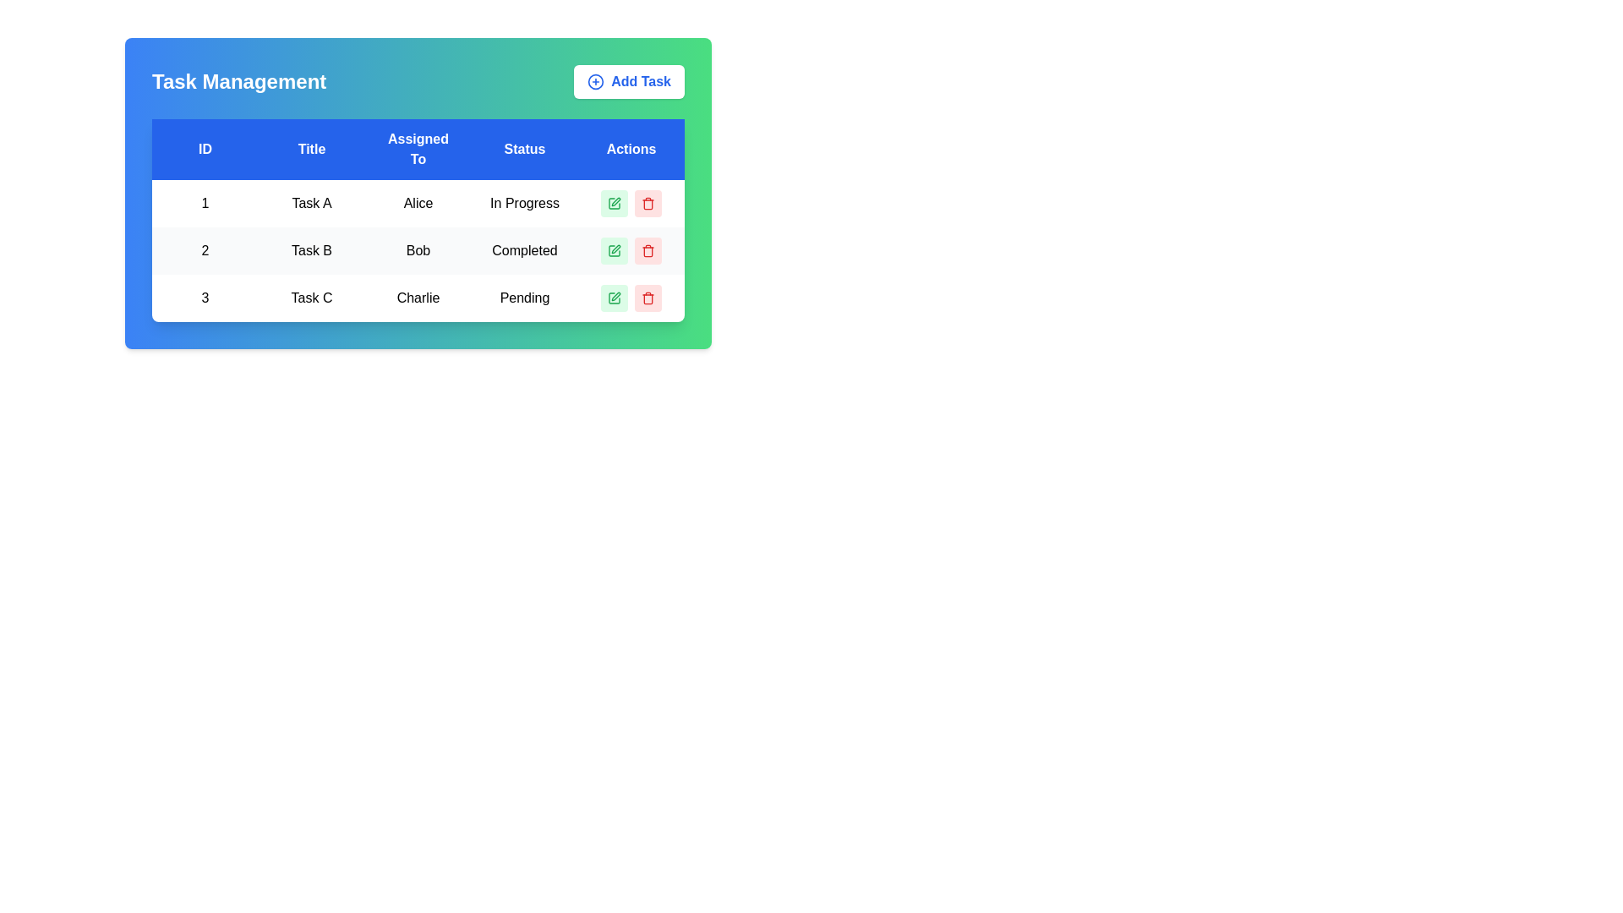 Image resolution: width=1623 pixels, height=913 pixels. What do you see at coordinates (648, 251) in the screenshot?
I see `the delete button located in the second row of the 'Actions' column of the task management interface` at bounding box center [648, 251].